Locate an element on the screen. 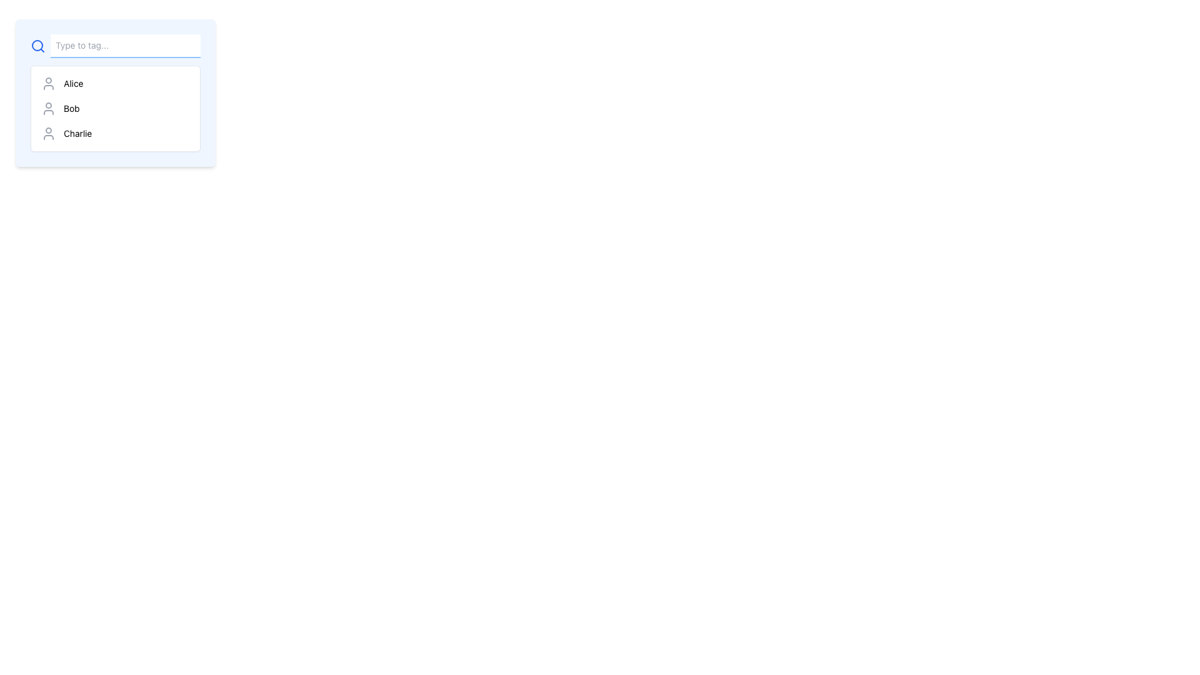  the small circular SVG element that is part of the search icon, located to the left of the 'Type to tag...' input field is located at coordinates (37, 45).